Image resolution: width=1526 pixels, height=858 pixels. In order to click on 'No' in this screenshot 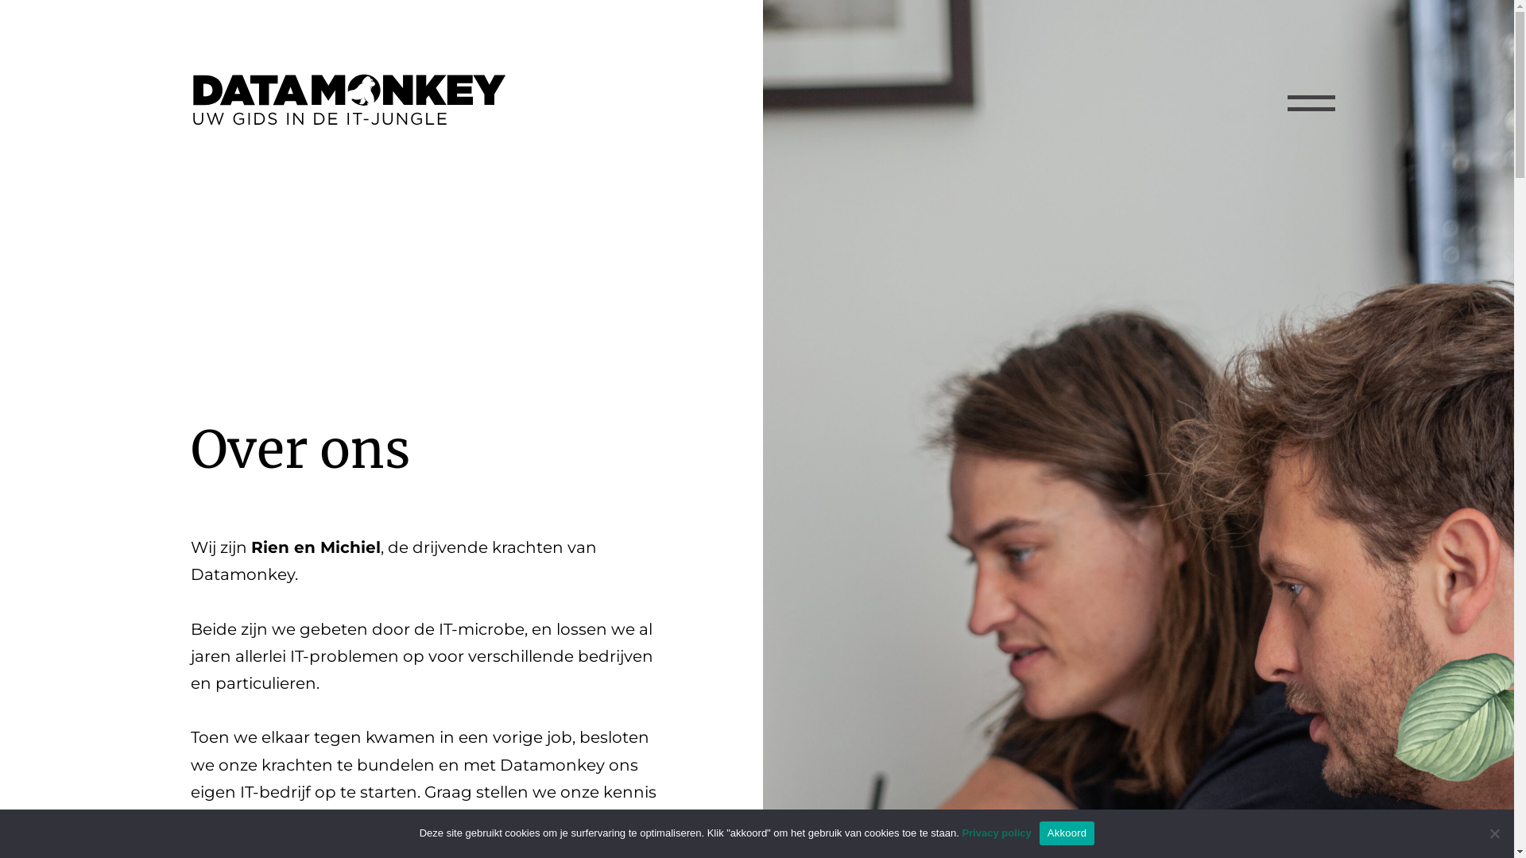, I will do `click(1493, 833)`.